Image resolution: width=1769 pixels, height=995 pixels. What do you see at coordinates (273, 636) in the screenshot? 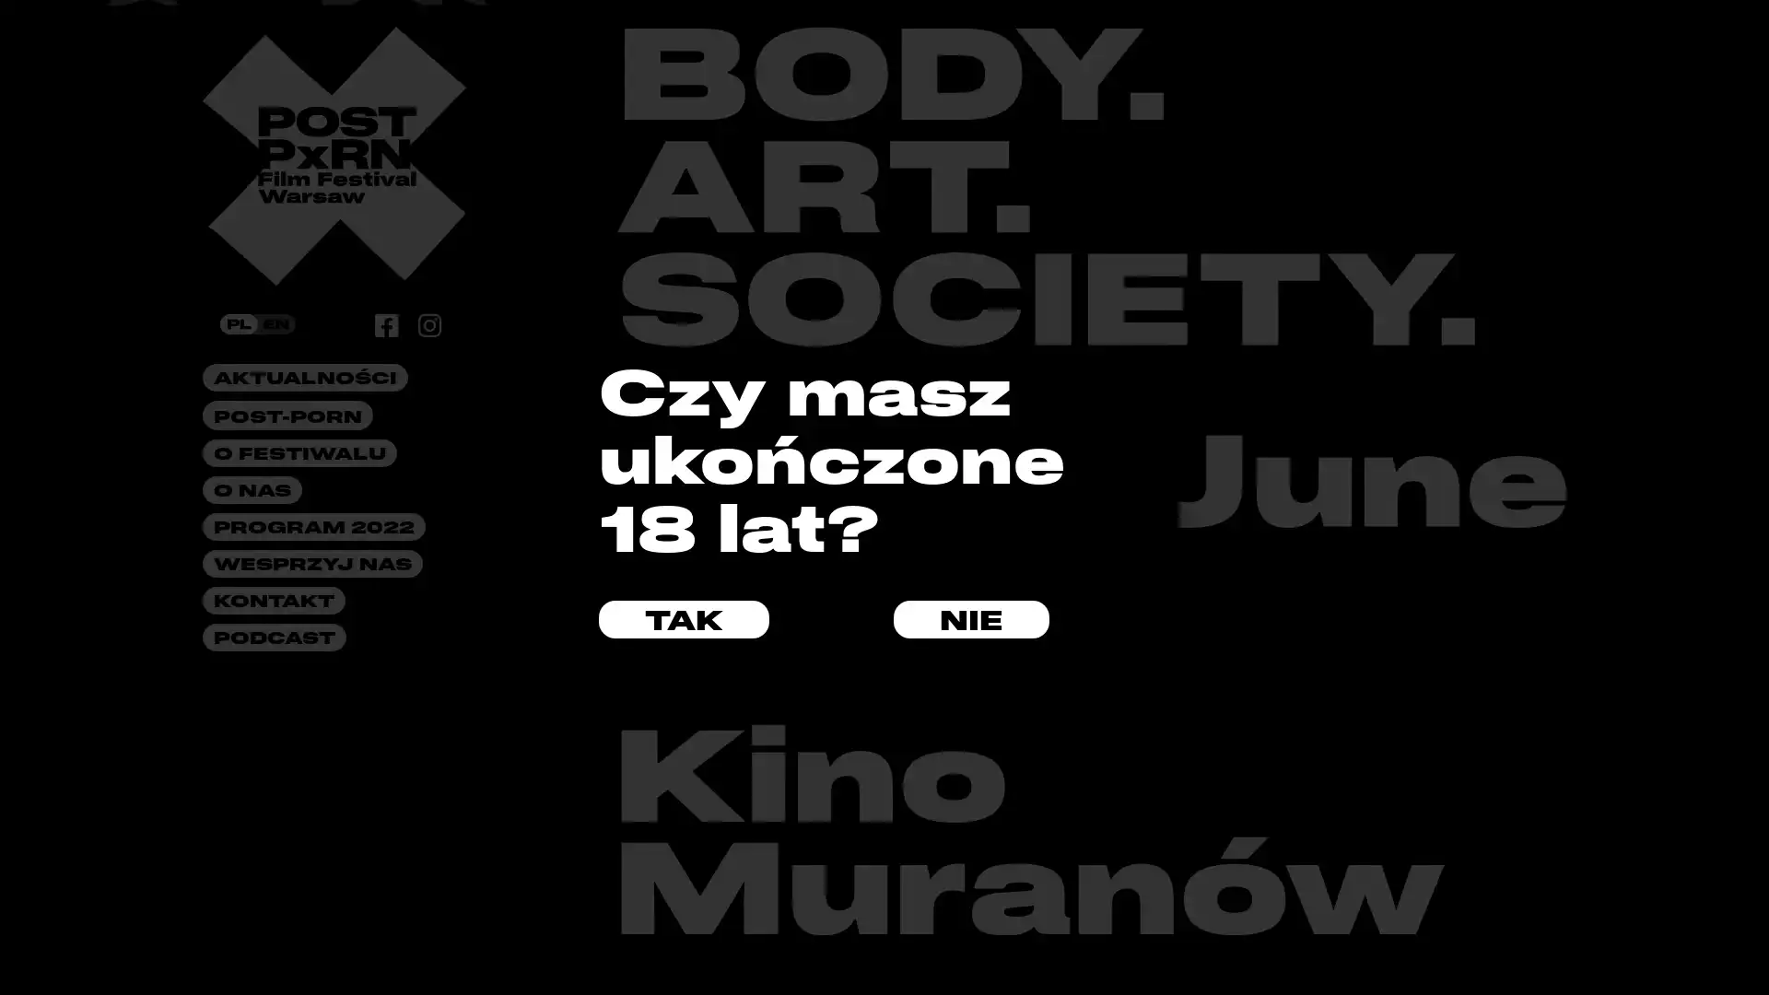
I see `PODCAST` at bounding box center [273, 636].